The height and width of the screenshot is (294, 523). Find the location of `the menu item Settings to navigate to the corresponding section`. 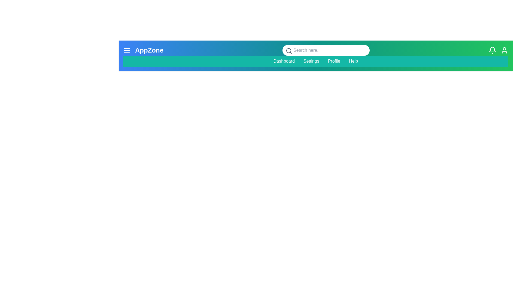

the menu item Settings to navigate to the corresponding section is located at coordinates (311, 61).